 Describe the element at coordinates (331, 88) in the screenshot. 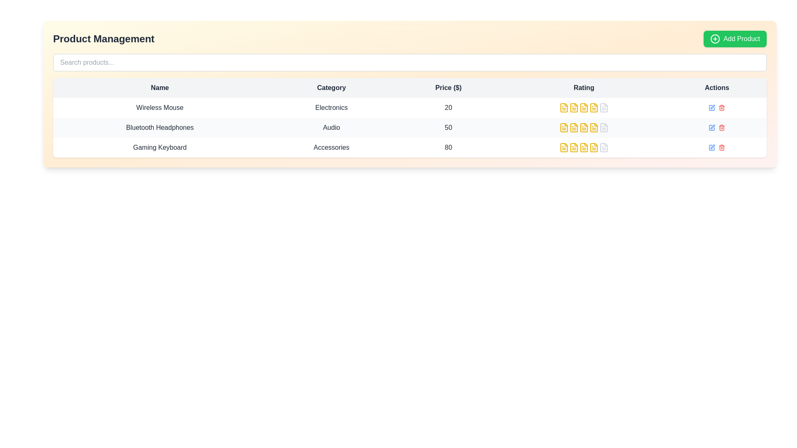

I see `the text label that contains the word 'Category', which is the second header in a row located at the top of the table, positioned between 'Name' and 'Price ($)'` at that location.